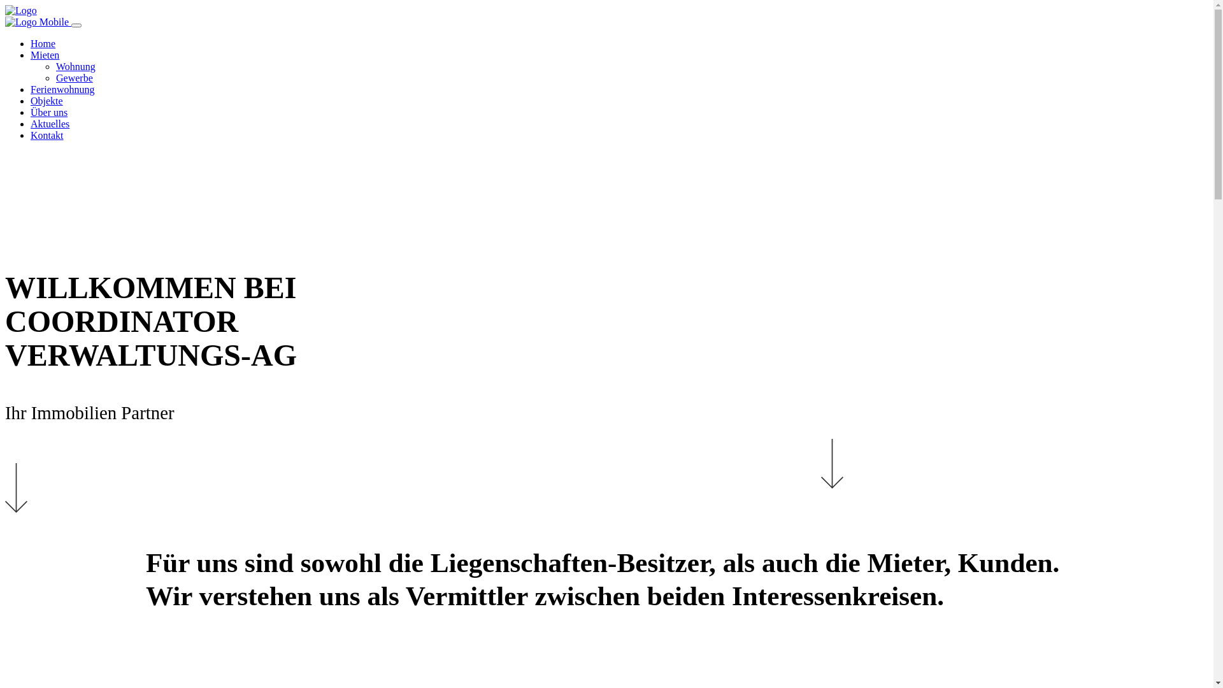 This screenshot has height=688, width=1223. Describe the element at coordinates (46, 100) in the screenshot. I see `'Objekte'` at that location.